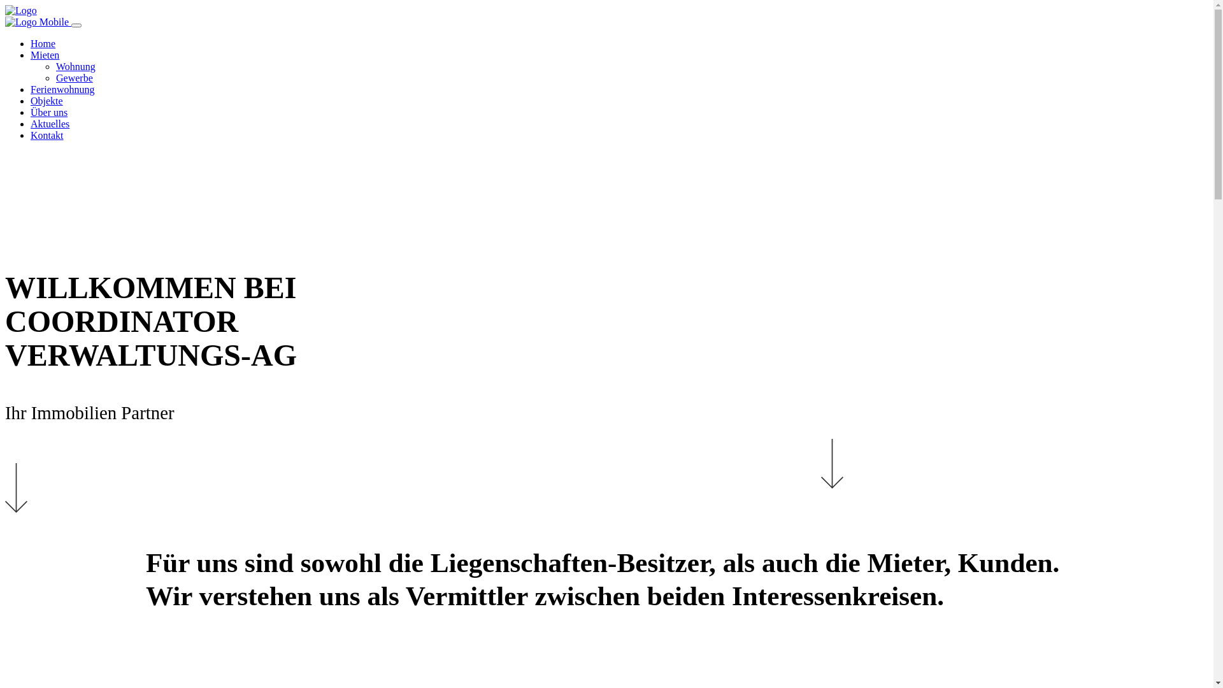 This screenshot has height=688, width=1223. Describe the element at coordinates (46, 100) in the screenshot. I see `'Objekte'` at that location.